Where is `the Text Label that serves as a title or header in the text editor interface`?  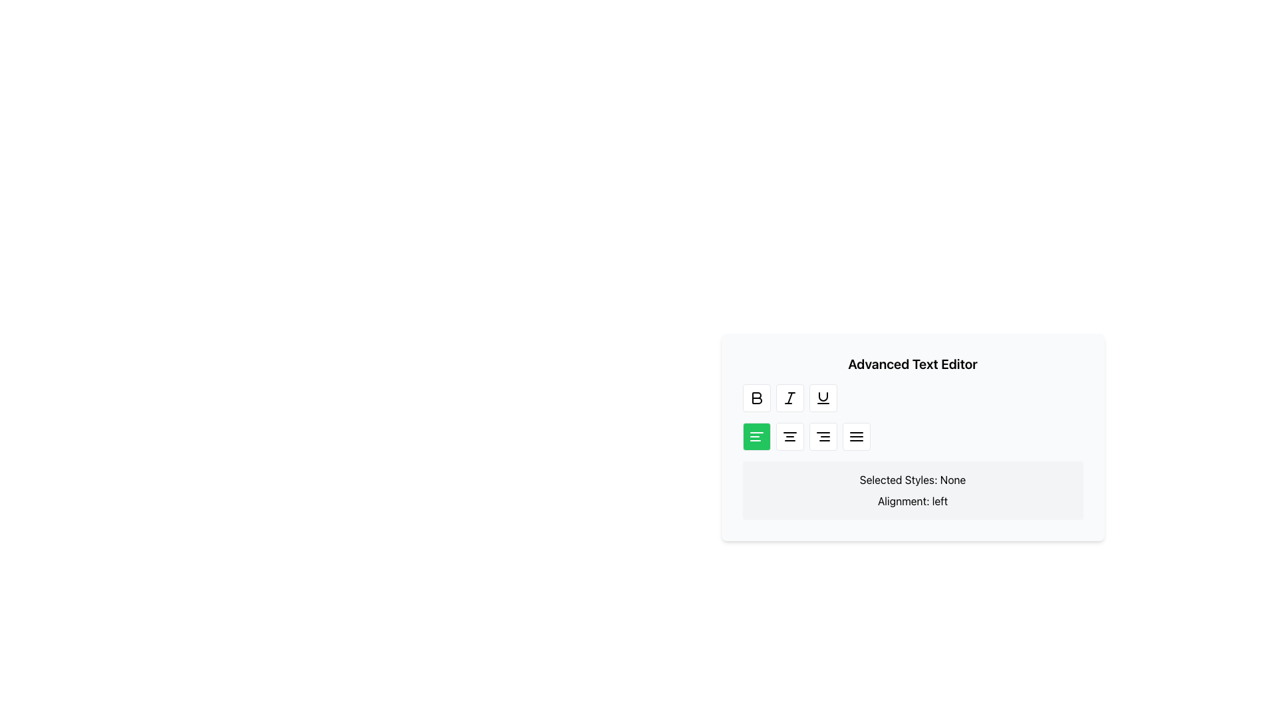 the Text Label that serves as a title or header in the text editor interface is located at coordinates (912, 364).